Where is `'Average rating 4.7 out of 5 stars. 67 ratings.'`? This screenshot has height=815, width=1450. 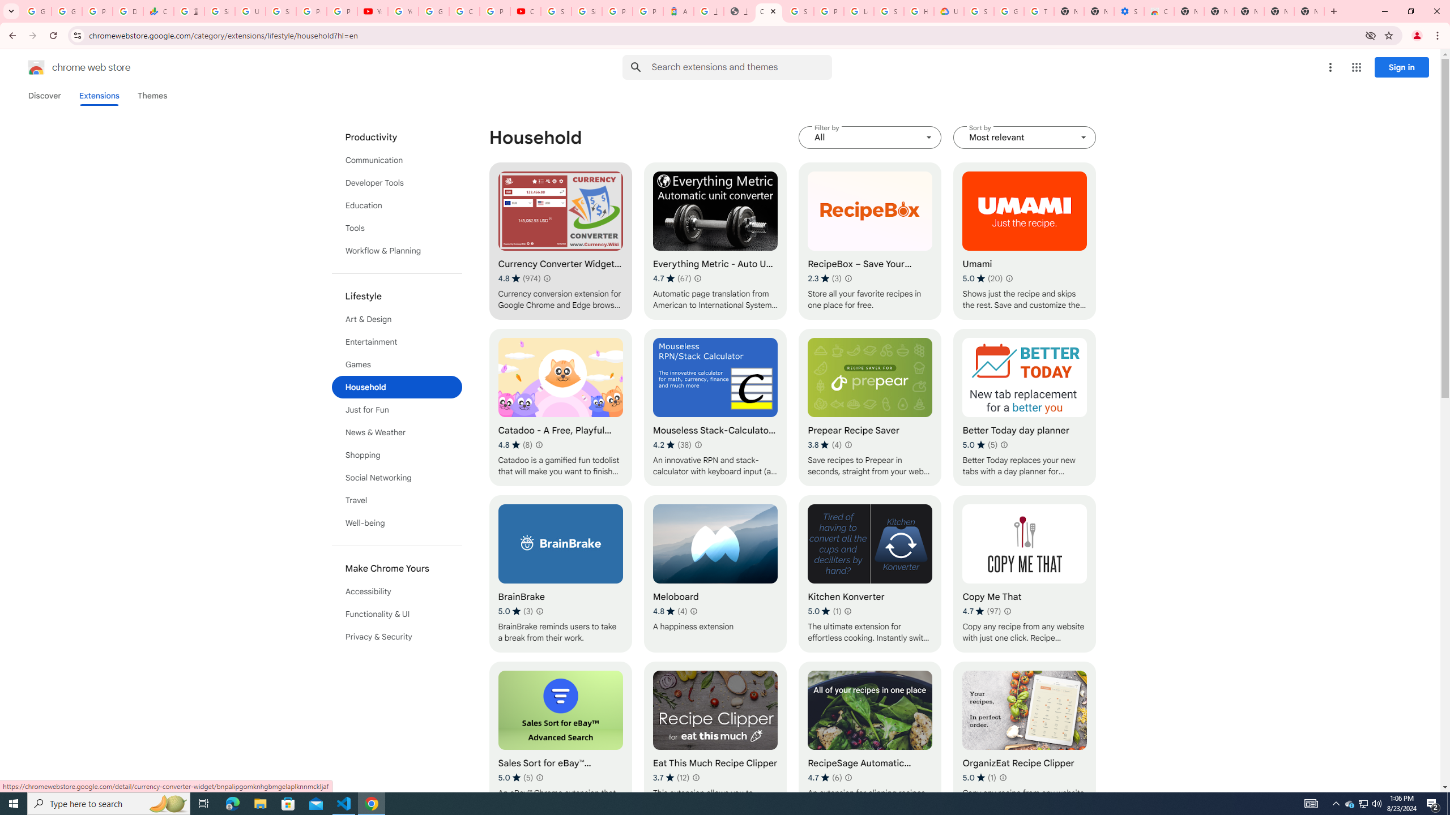
'Average rating 4.7 out of 5 stars. 67 ratings.' is located at coordinates (672, 278).